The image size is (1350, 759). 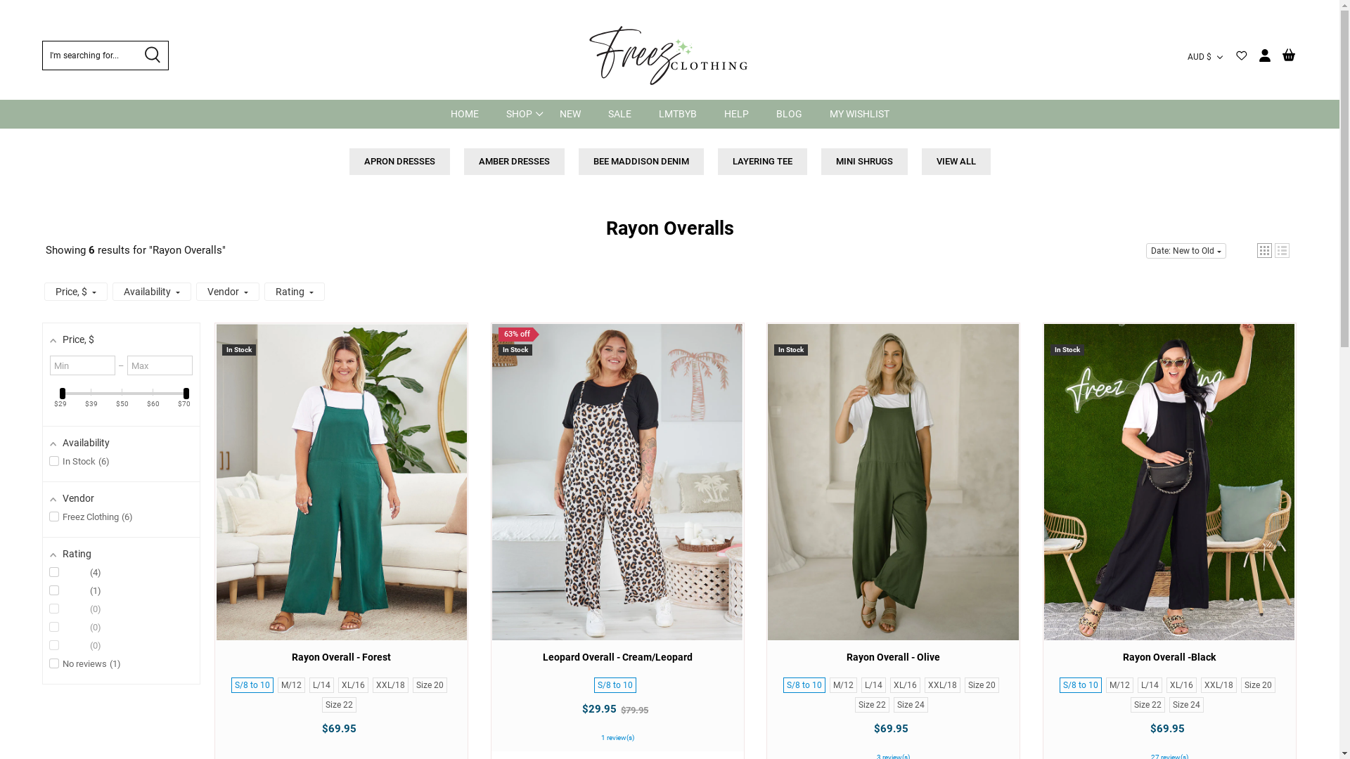 I want to click on 'BLOG', so click(x=789, y=113).